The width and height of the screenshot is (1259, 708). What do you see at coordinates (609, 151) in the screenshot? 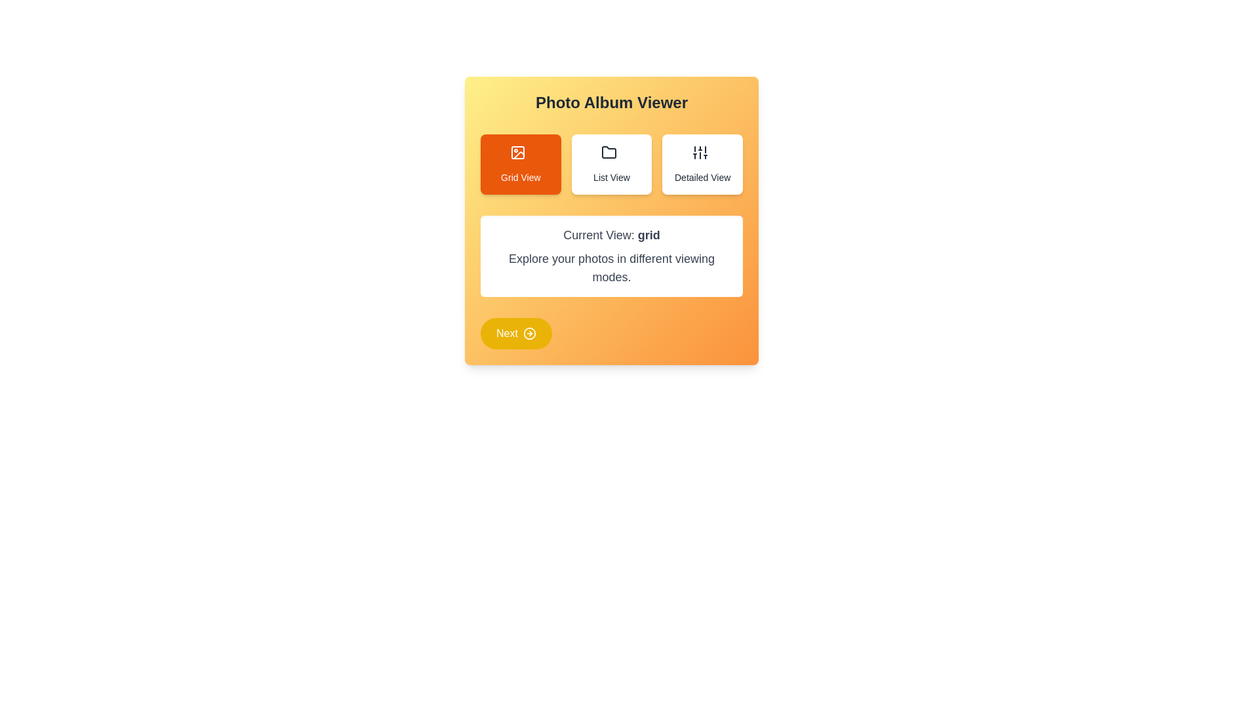
I see `the folder icon button representing the list view, which is the second icon in a set of three horizontally aligned icons located centrally within the interface` at bounding box center [609, 151].